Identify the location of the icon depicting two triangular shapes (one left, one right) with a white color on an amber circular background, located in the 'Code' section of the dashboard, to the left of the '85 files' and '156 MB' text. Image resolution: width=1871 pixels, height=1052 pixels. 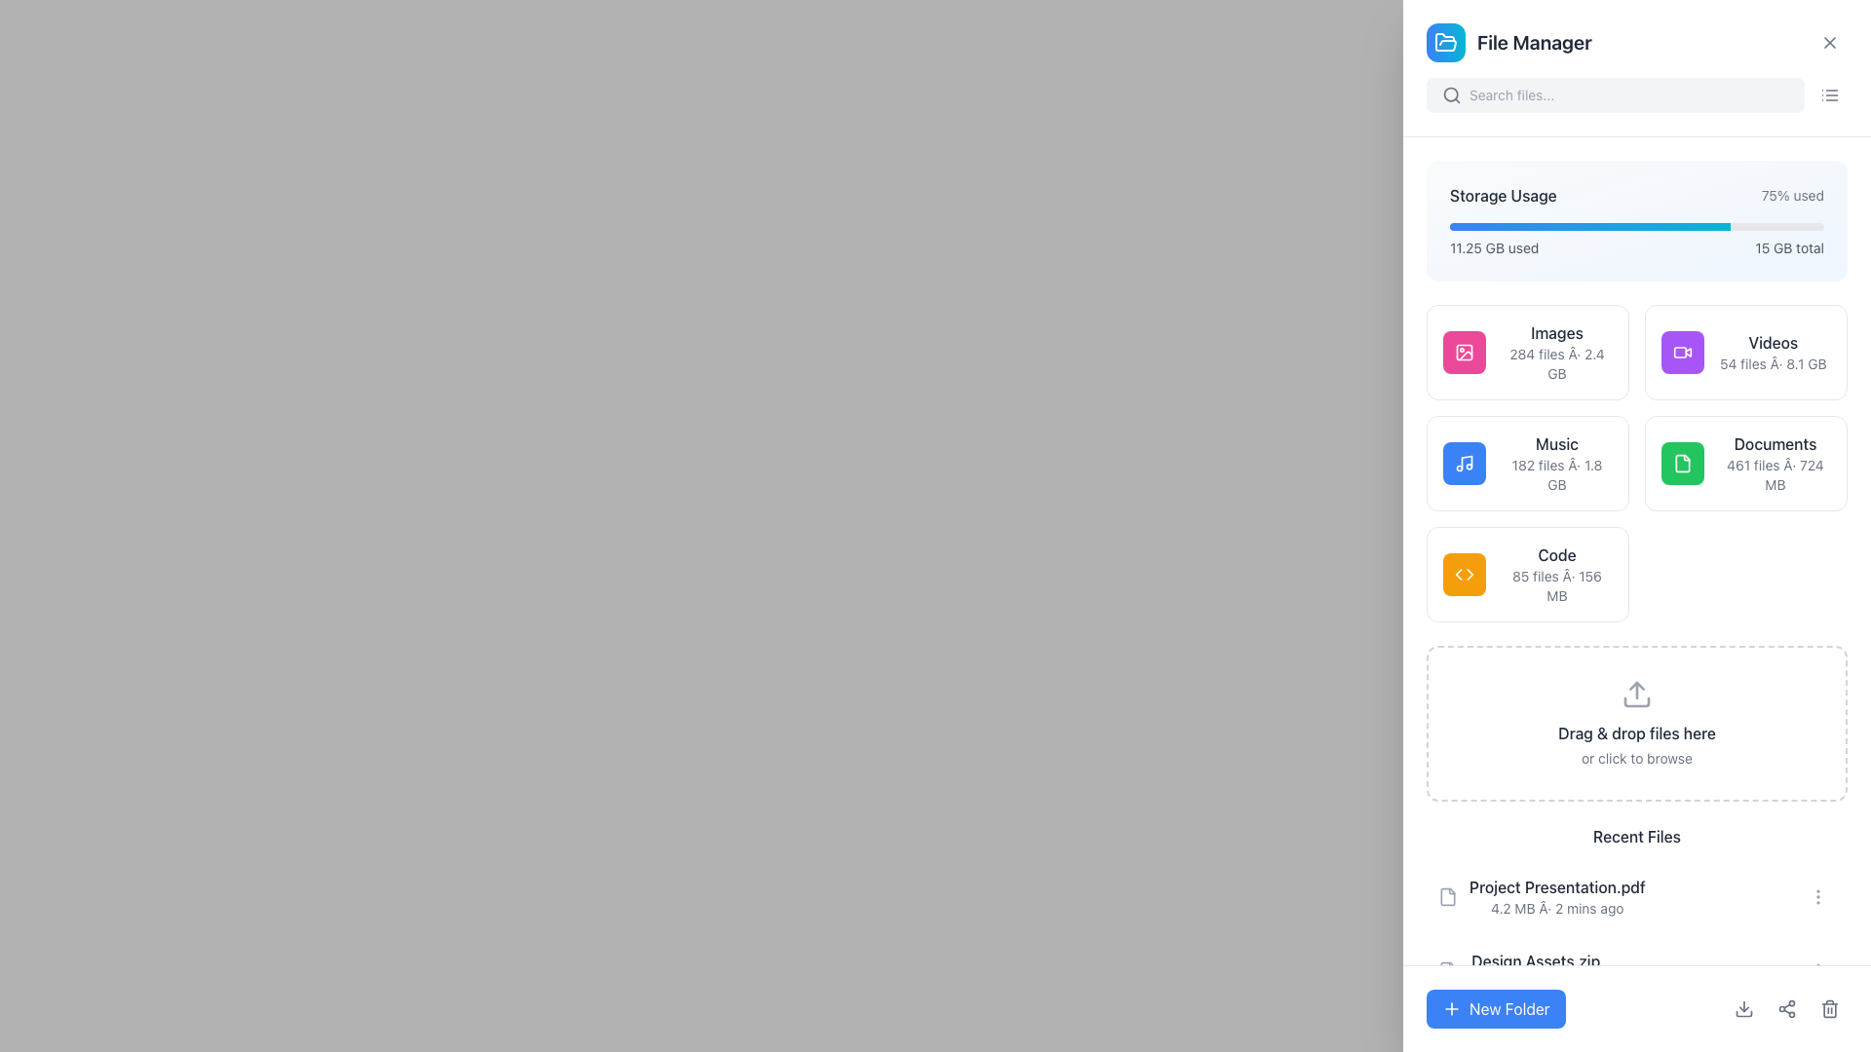
(1464, 574).